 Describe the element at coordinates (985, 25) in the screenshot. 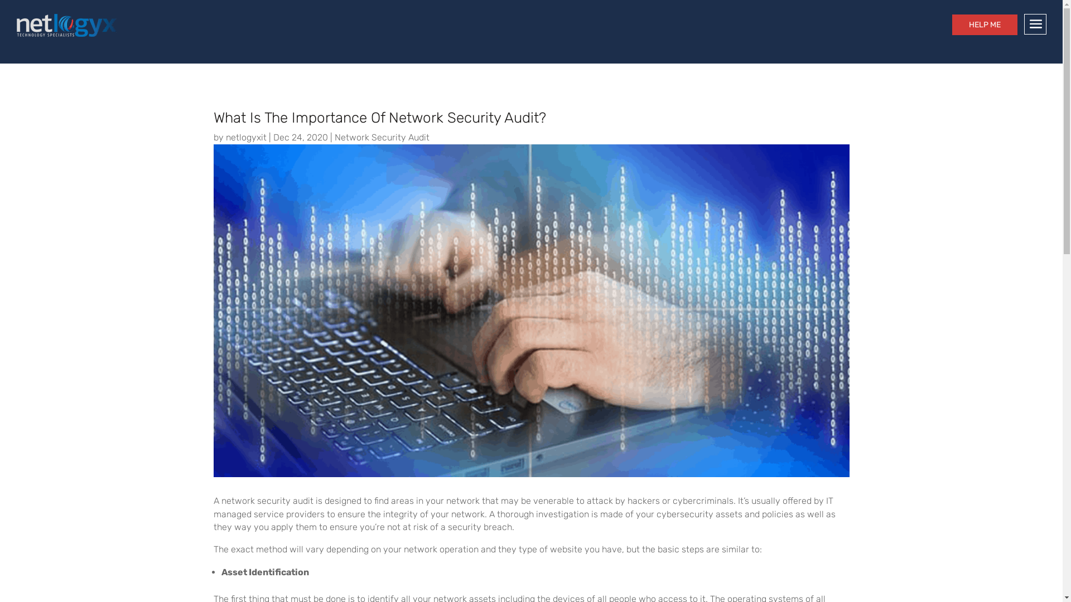

I see `'HELP ME'` at that location.